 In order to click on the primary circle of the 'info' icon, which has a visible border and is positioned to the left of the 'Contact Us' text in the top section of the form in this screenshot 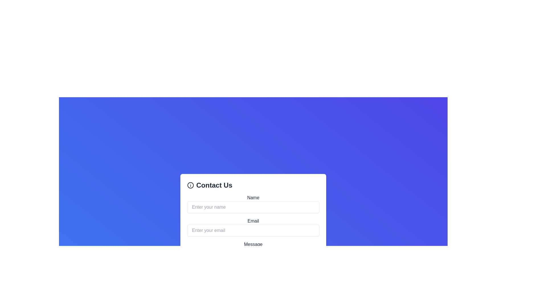, I will do `click(190, 185)`.